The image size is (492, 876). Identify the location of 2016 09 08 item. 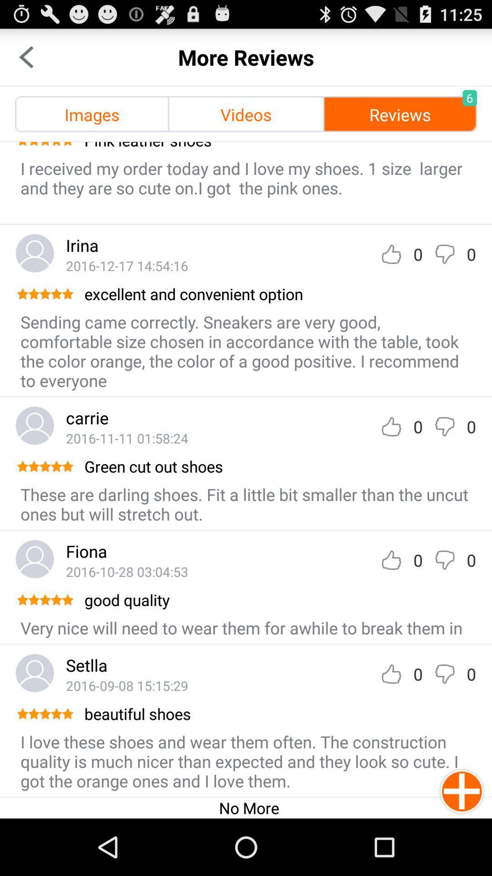
(127, 685).